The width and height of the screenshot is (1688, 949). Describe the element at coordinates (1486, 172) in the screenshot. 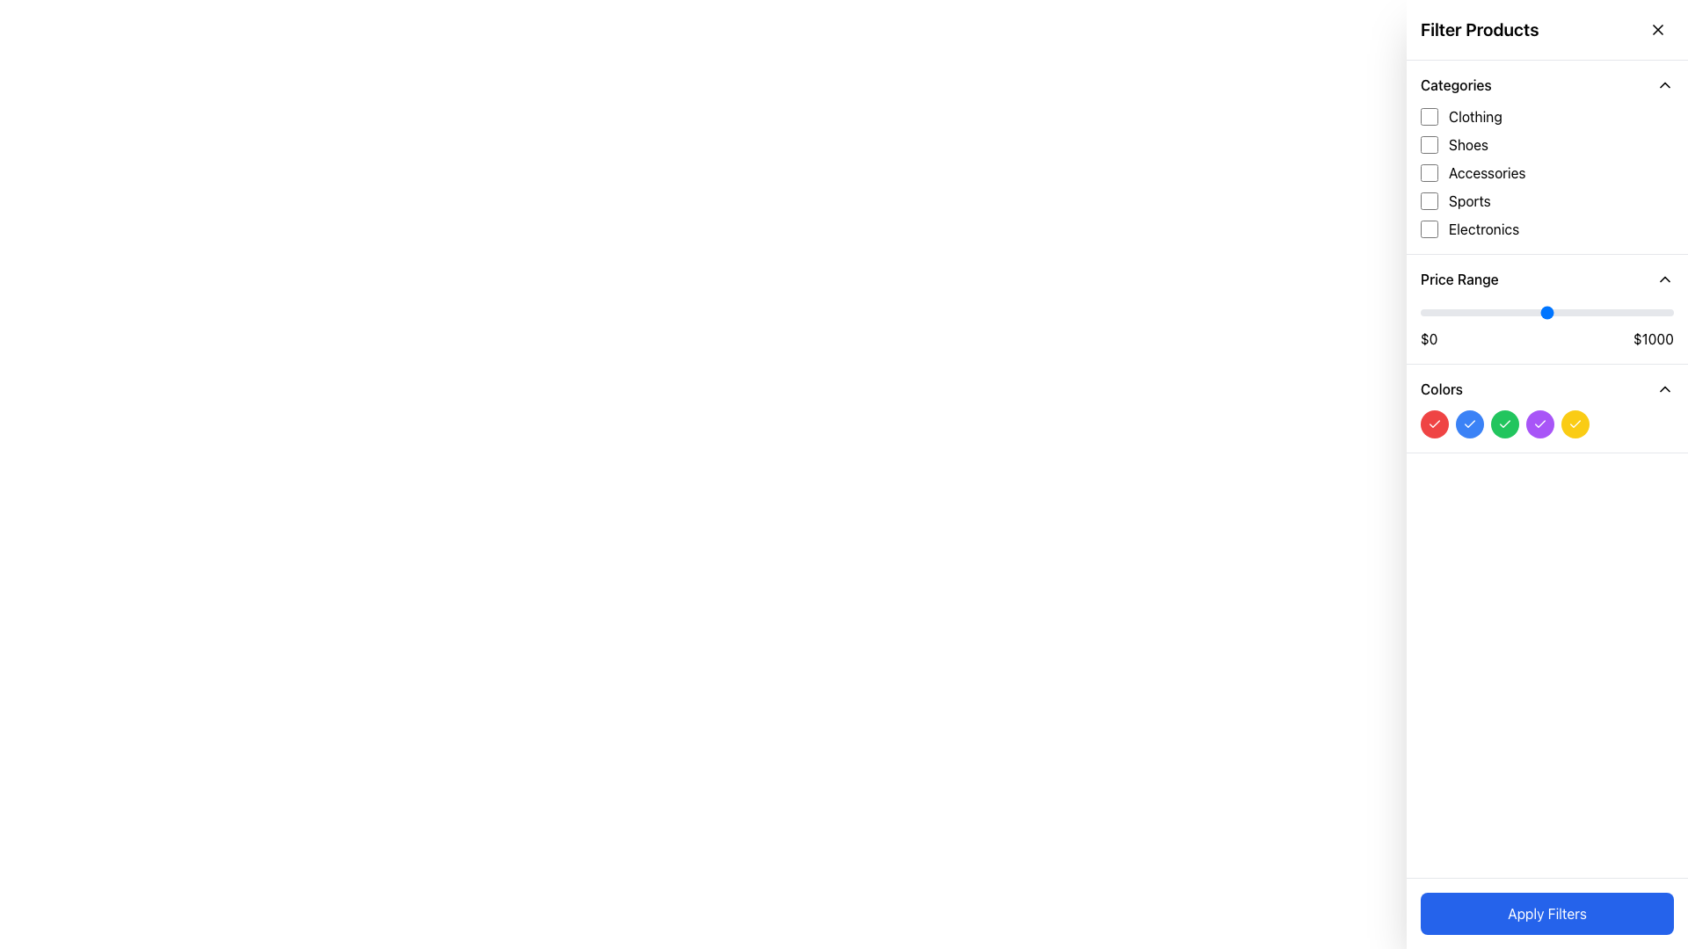

I see `the text label that provides a description for the adjacent 'Accessories' checkbox, which is the third option in a vertical list of categories in the filter panel` at that location.